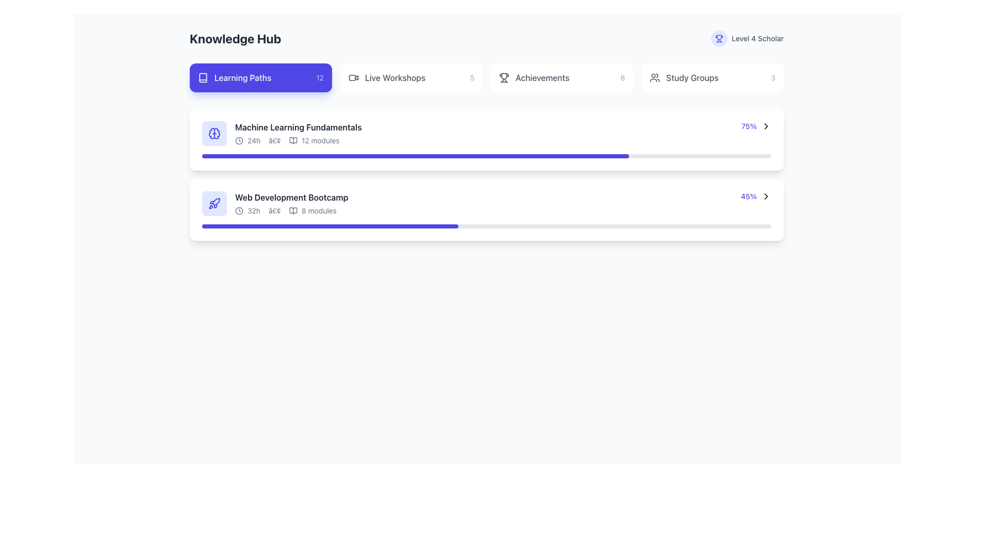  I want to click on the brain icon element located to the left of the 'Machine Learning Fundamentals' text for accessibility, so click(214, 133).